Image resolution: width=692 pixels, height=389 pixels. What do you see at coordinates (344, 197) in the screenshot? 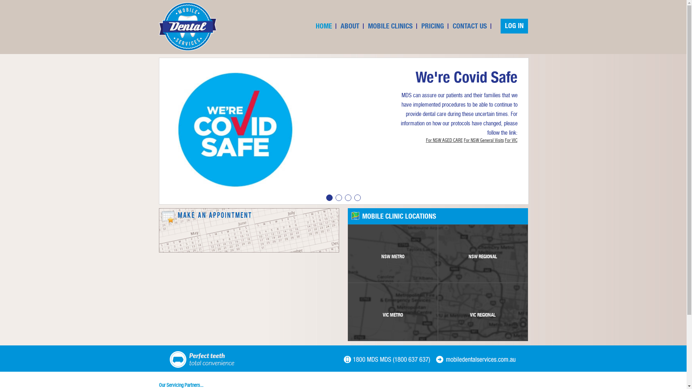
I see `'3'` at bounding box center [344, 197].